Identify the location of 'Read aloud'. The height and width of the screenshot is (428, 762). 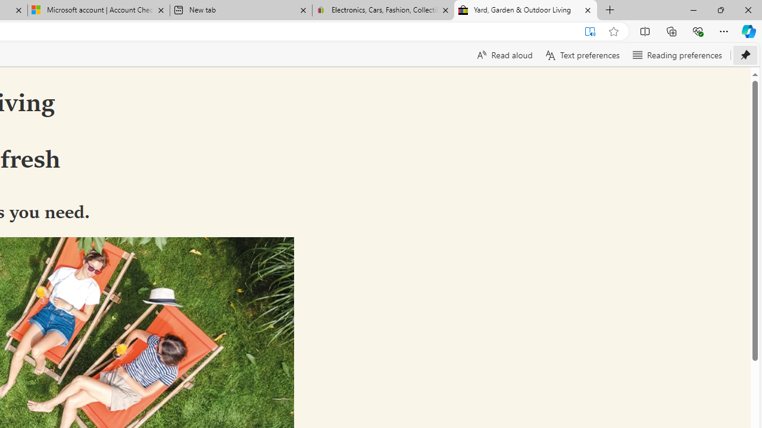
(504, 55).